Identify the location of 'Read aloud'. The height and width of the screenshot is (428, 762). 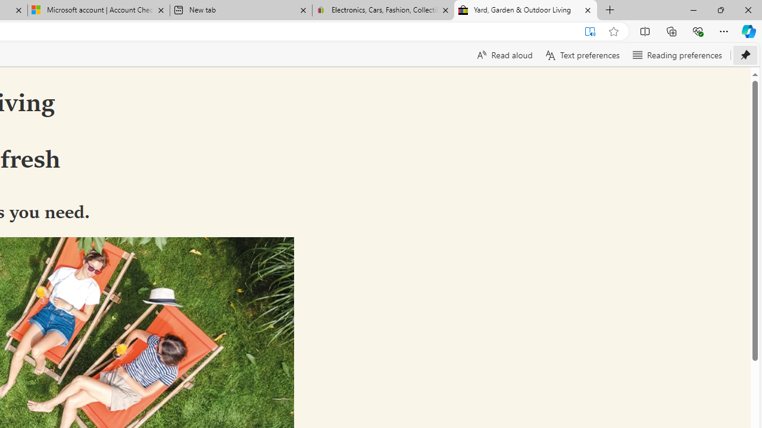
(504, 55).